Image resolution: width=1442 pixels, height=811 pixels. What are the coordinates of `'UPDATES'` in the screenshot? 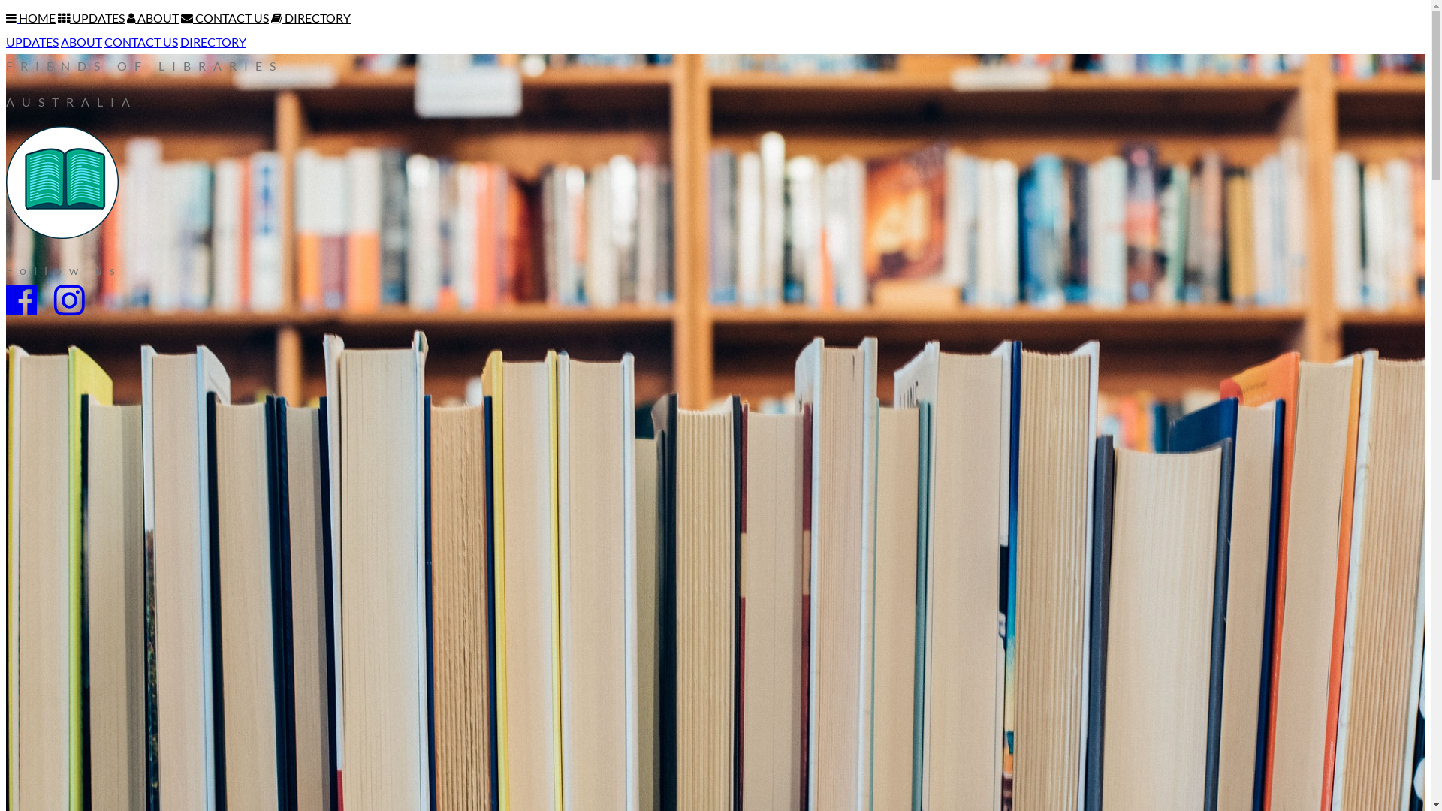 It's located at (6, 41).